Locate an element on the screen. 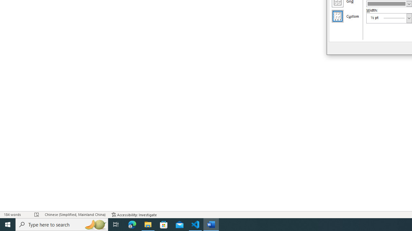 This screenshot has width=412, height=231. 'Word Count 184 words' is located at coordinates (16, 215).